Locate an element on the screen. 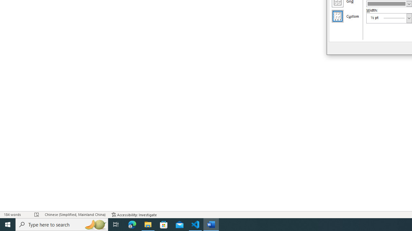 This screenshot has width=412, height=231. 'Word Count 184 words' is located at coordinates (16, 215).